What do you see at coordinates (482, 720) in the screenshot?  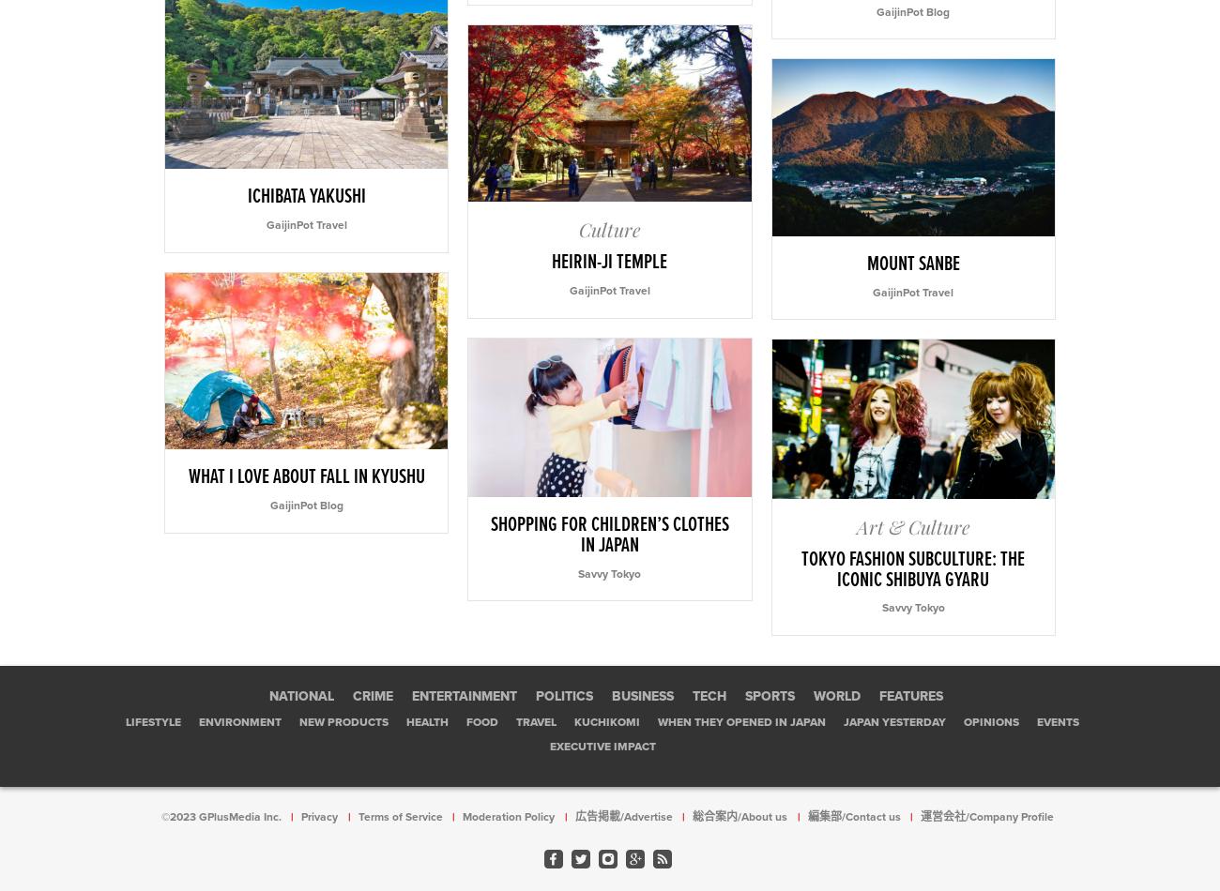 I see `'Food'` at bounding box center [482, 720].